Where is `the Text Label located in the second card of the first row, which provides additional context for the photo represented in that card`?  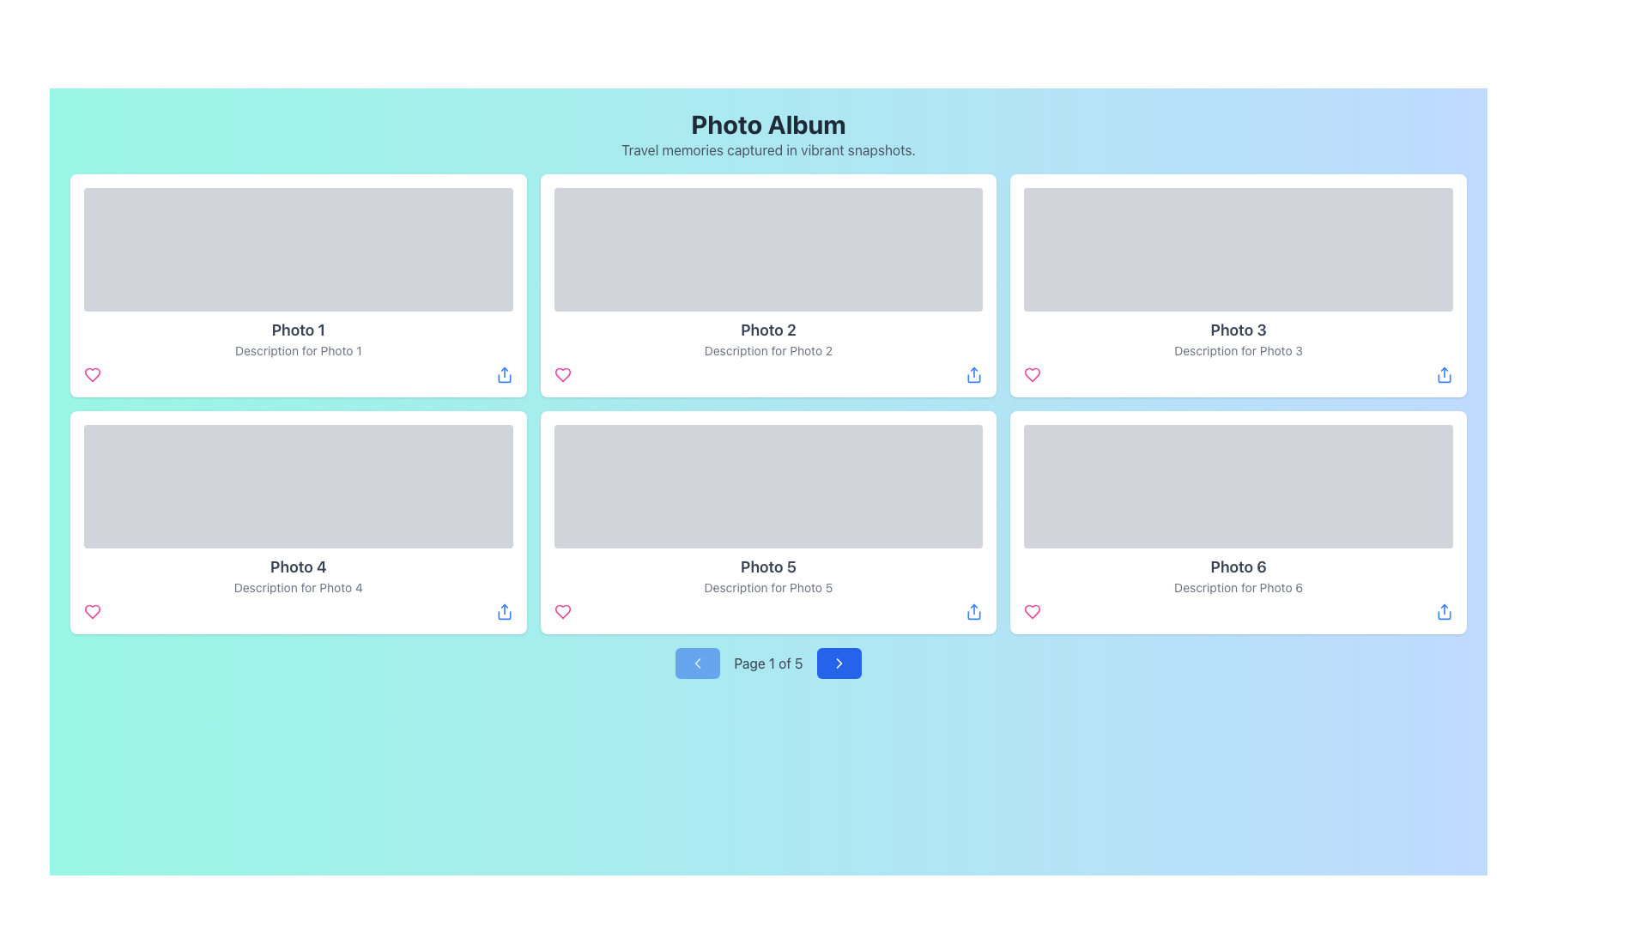 the Text Label located in the second card of the first row, which provides additional context for the photo represented in that card is located at coordinates (767, 349).